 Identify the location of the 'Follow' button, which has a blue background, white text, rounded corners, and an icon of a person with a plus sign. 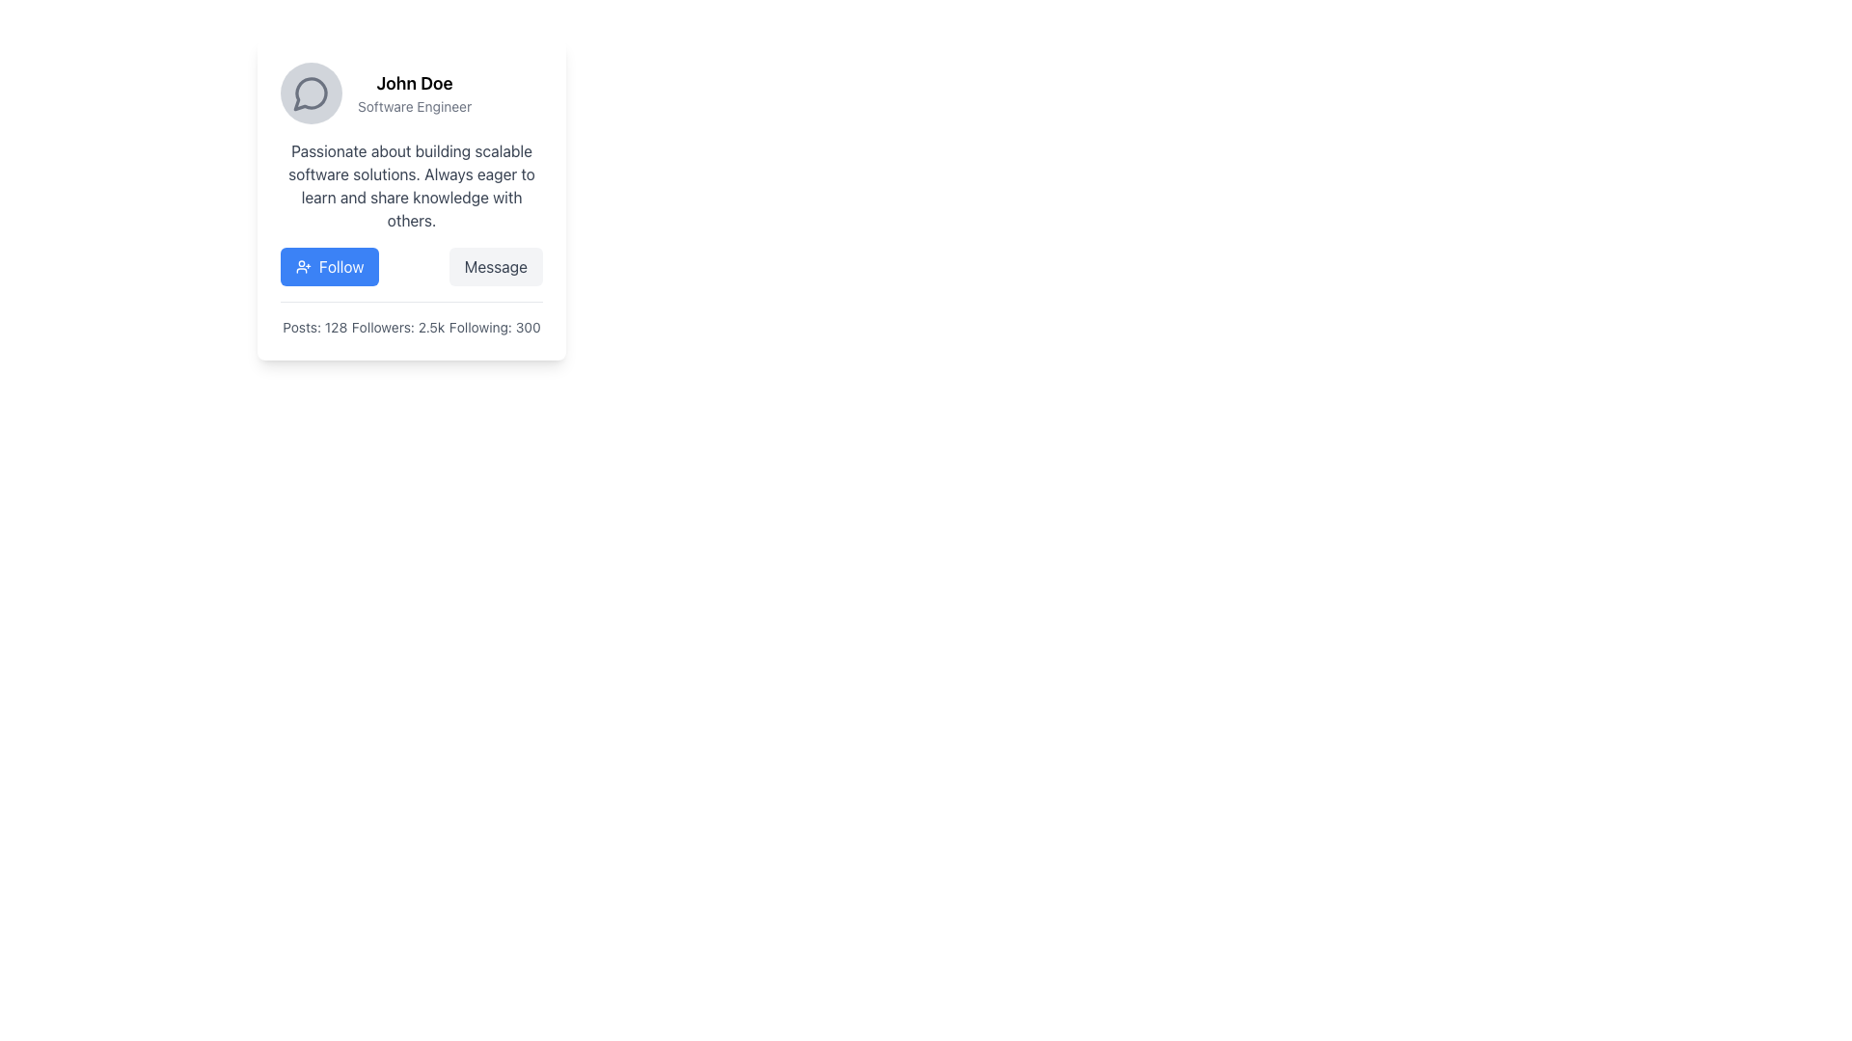
(330, 267).